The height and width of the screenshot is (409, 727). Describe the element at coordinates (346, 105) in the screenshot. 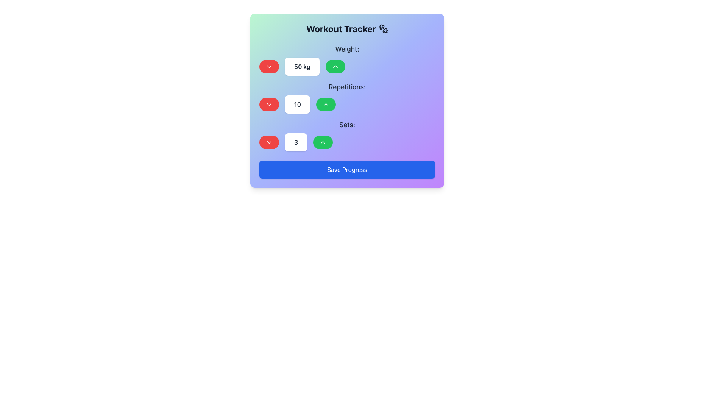

I see `the Display element for numeric representation that shows the value '10', which is centrally located in the 'Repetitions:' section, flanked by red and green buttons` at that location.